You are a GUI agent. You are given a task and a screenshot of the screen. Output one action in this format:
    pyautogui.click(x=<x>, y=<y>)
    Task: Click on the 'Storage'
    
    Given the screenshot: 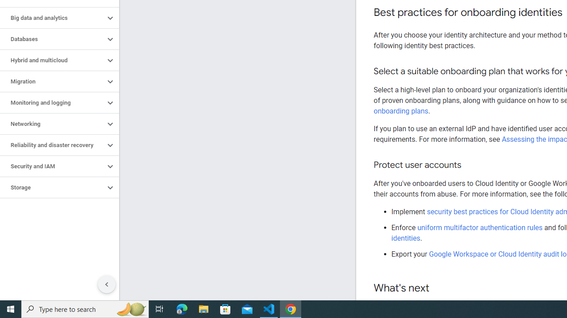 What is the action you would take?
    pyautogui.click(x=52, y=187)
    